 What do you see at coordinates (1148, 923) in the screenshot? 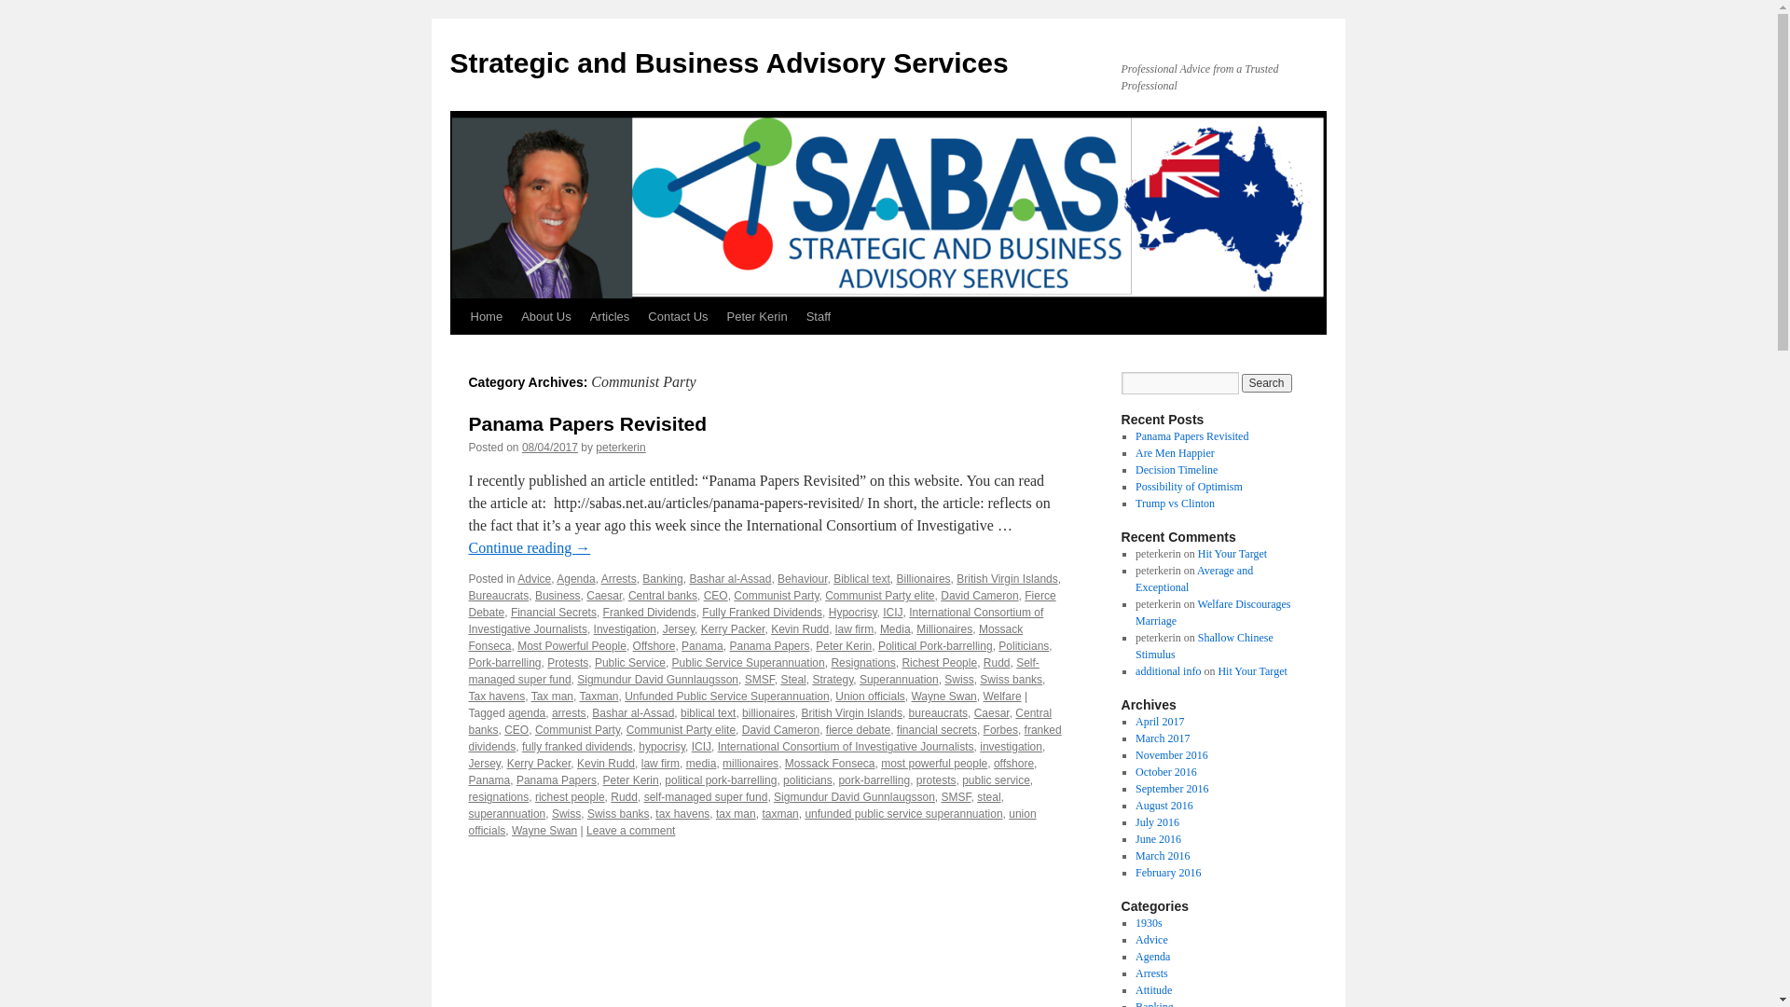
I see `'1930s'` at bounding box center [1148, 923].